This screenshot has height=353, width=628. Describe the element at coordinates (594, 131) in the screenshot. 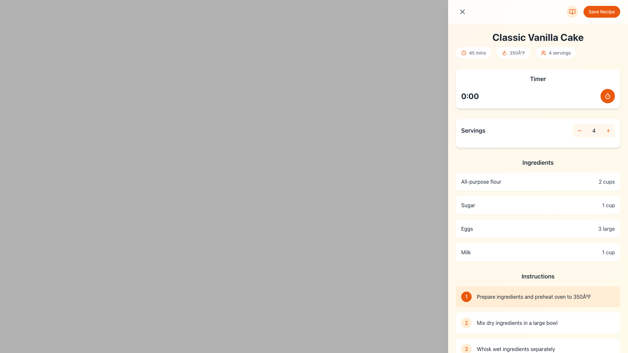

I see `numeric display showing the number '4' located in the 'Servings' section, styled with a medium-sized gray font against a light orange background, positioned between the minus and plus buttons` at that location.